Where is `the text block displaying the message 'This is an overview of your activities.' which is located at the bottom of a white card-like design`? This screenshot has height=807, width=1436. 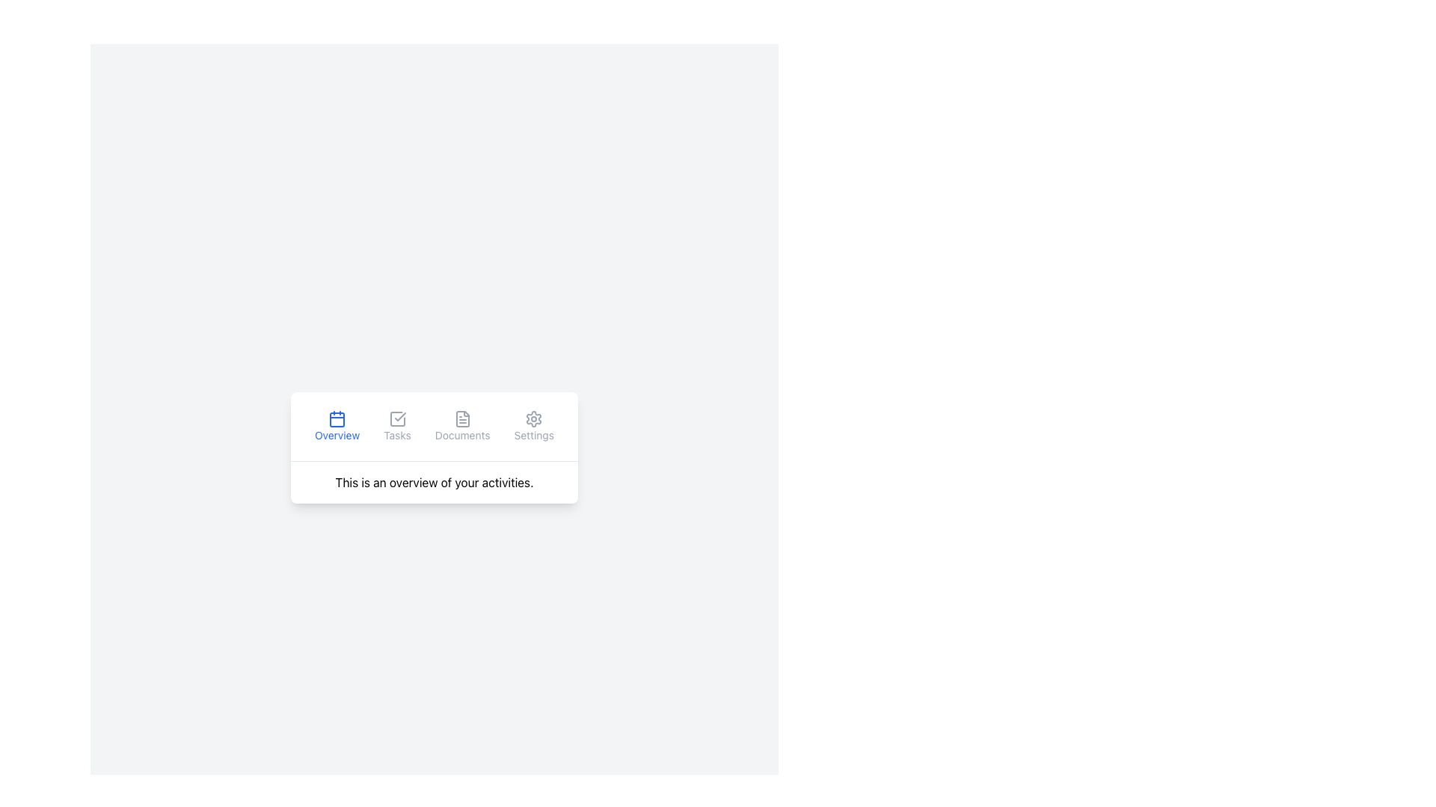
the text block displaying the message 'This is an overview of your activities.' which is located at the bottom of a white card-like design is located at coordinates (433, 481).